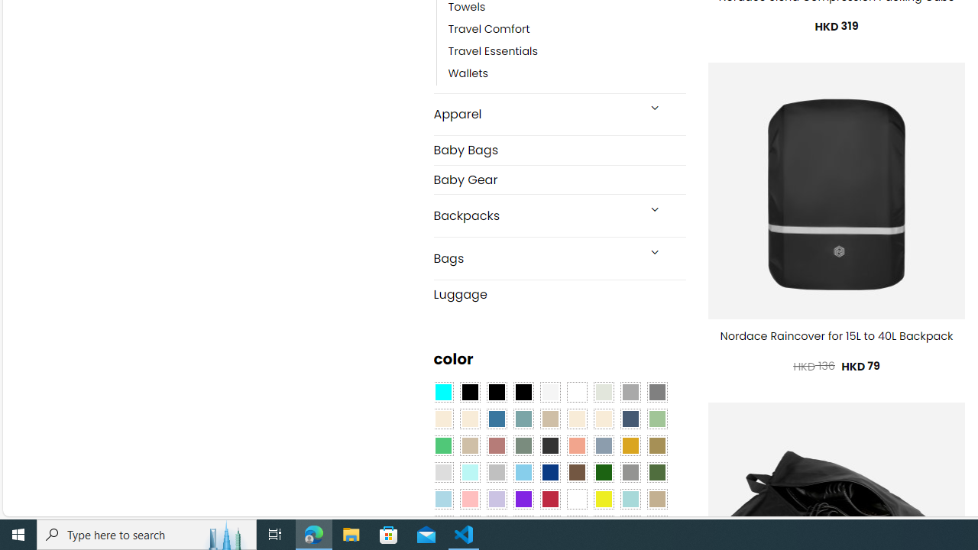 This screenshot has width=978, height=550. Describe the element at coordinates (523, 419) in the screenshot. I see `'Blue Sage'` at that location.